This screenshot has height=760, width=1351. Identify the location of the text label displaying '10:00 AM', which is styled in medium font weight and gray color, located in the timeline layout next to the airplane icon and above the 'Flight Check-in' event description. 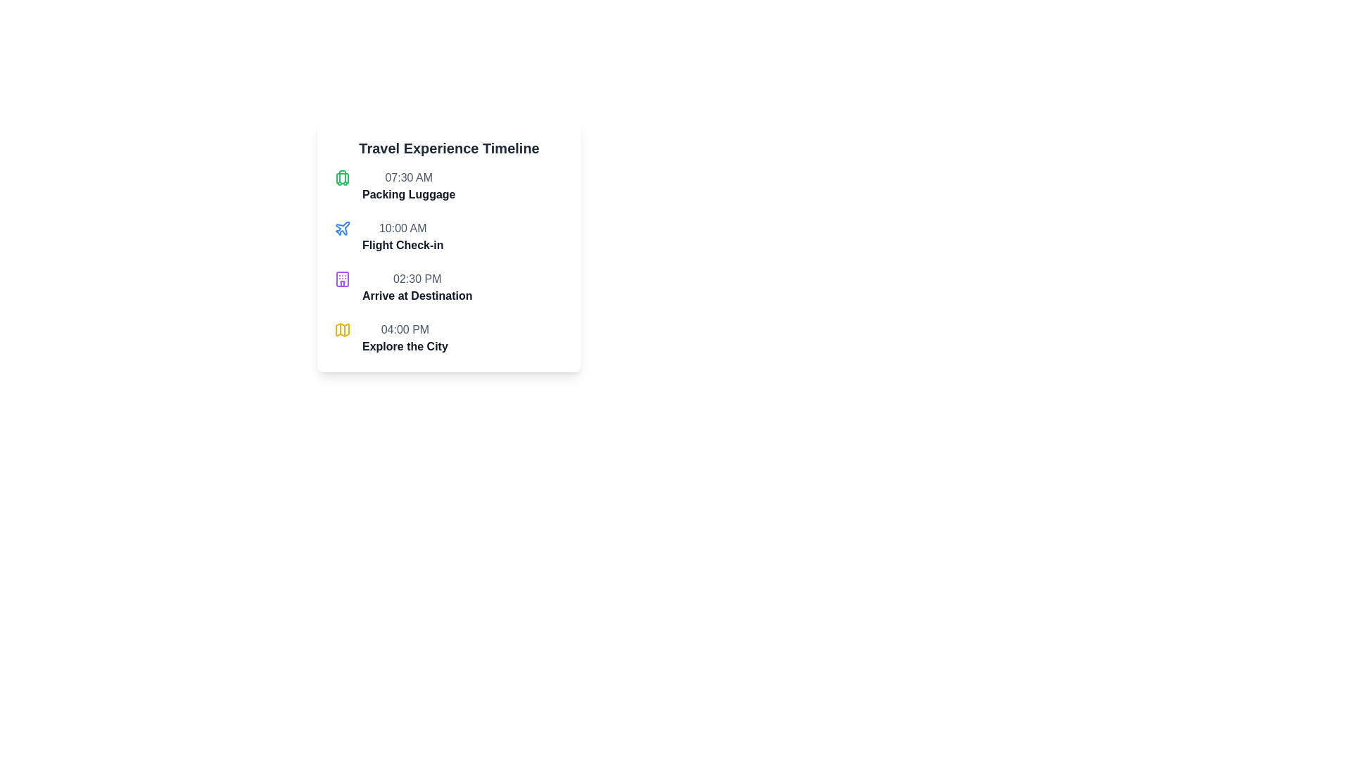
(402, 227).